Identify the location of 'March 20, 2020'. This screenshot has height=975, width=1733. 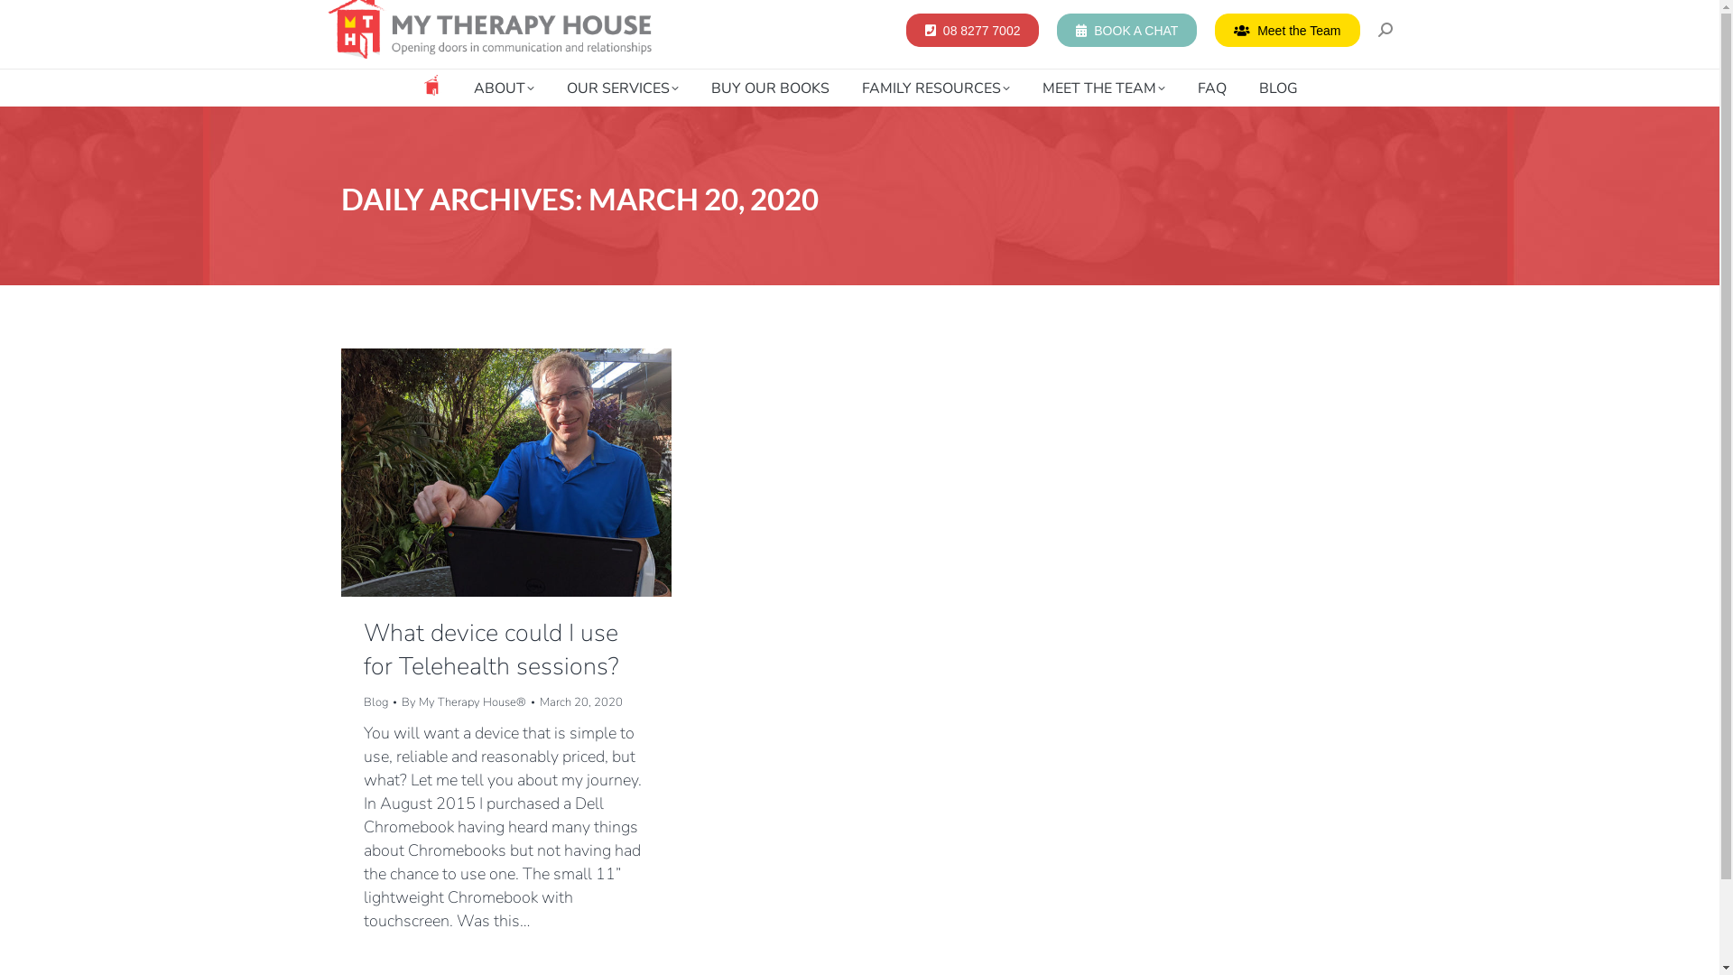
(539, 701).